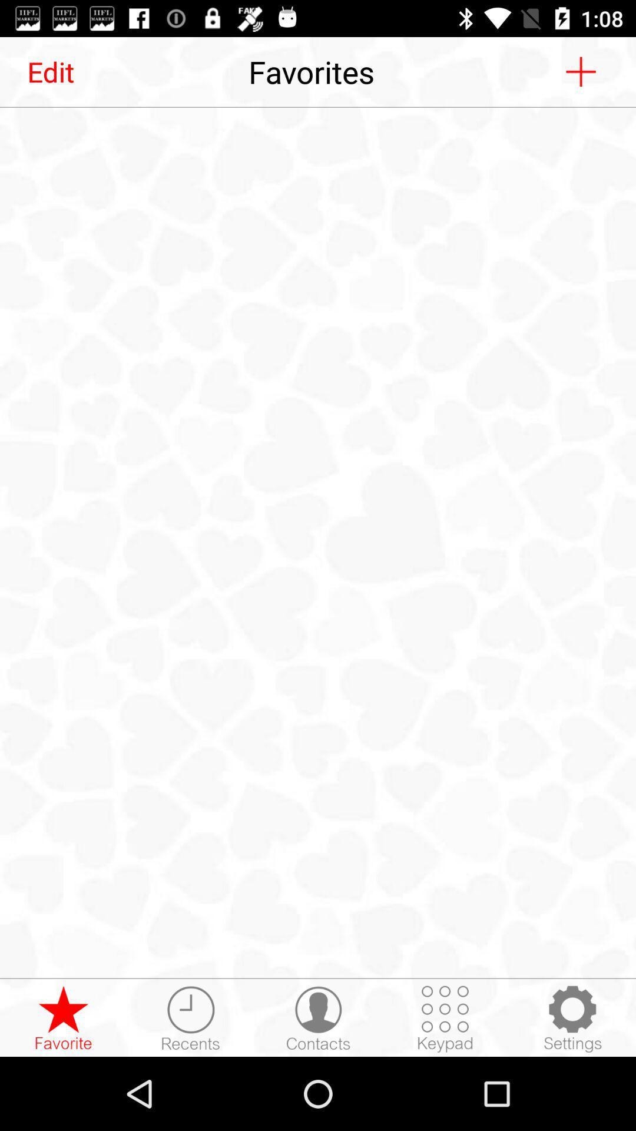 The width and height of the screenshot is (636, 1131). What do you see at coordinates (445, 1018) in the screenshot?
I see `keypad` at bounding box center [445, 1018].